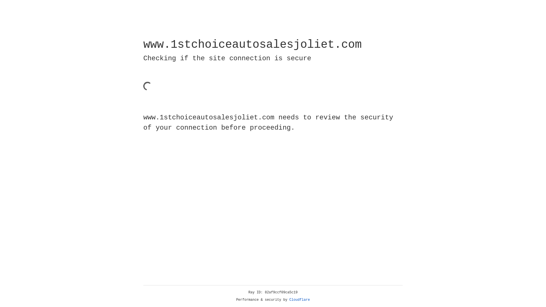  I want to click on 'Cloudflare', so click(299, 300).